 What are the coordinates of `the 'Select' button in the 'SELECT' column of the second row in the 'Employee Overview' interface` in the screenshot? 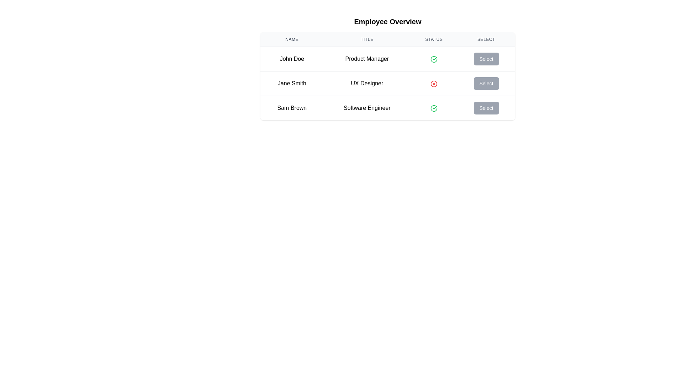 It's located at (486, 83).